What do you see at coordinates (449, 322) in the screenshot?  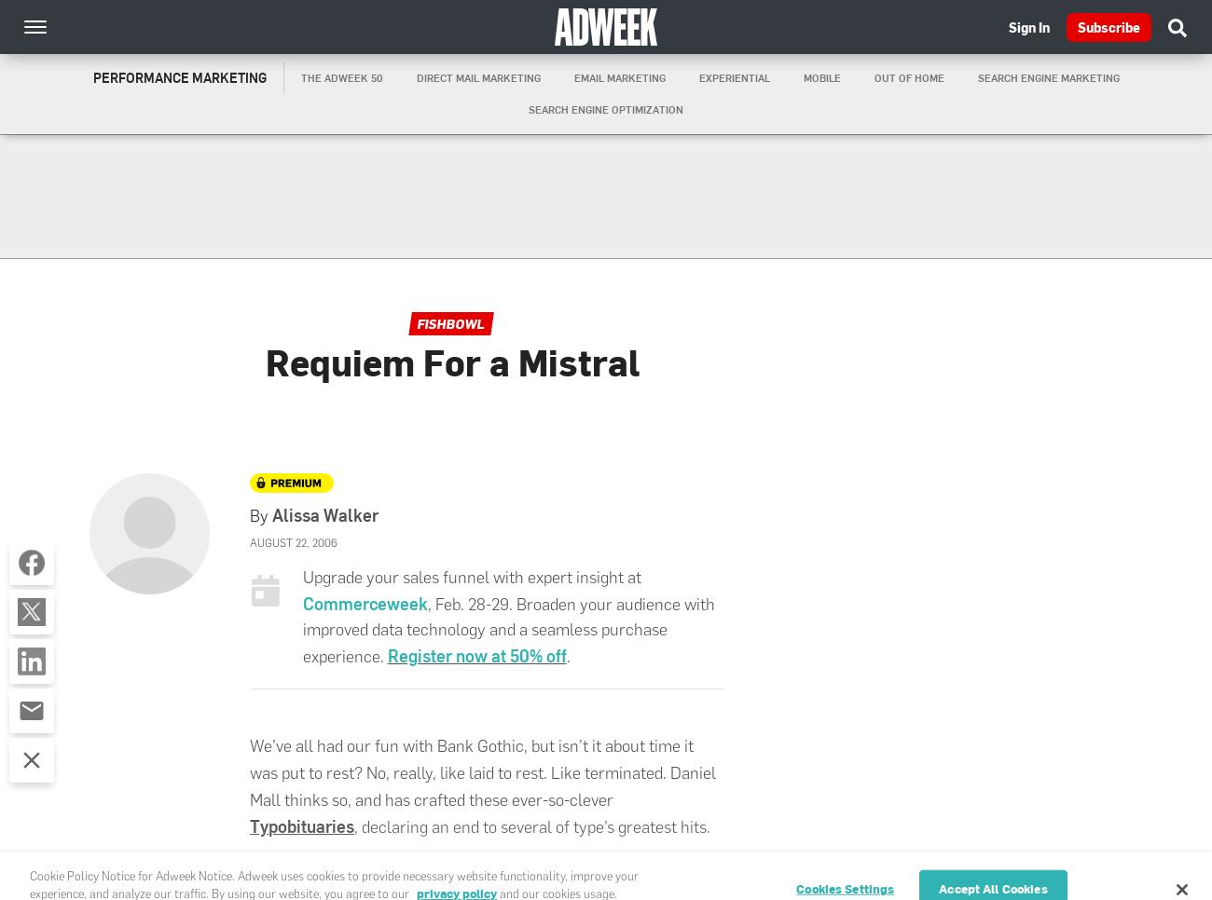 I see `'Fishbowl'` at bounding box center [449, 322].